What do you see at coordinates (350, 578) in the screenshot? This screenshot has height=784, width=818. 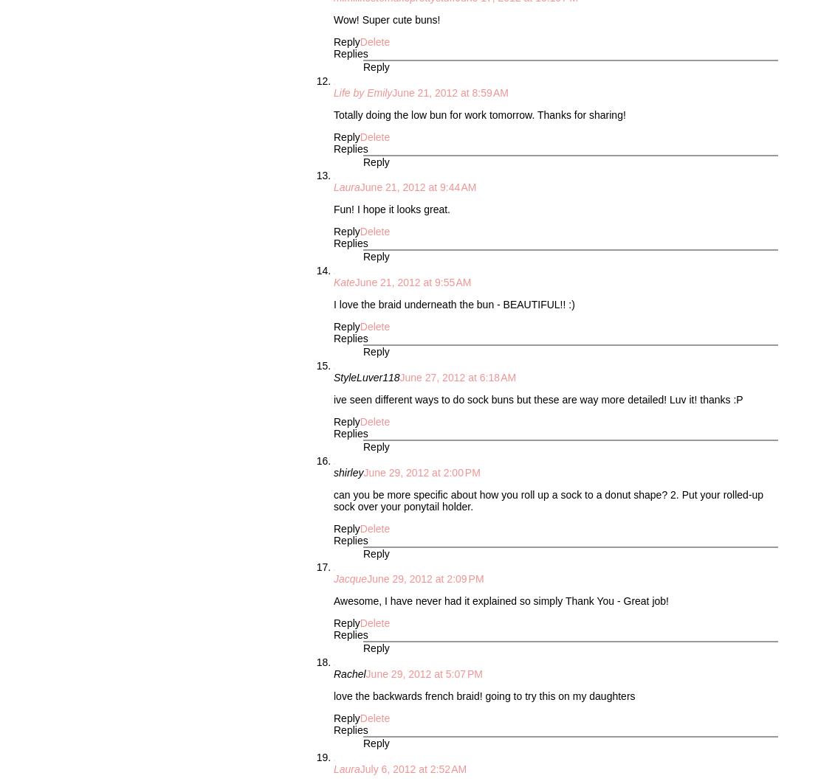 I see `'Jacque'` at bounding box center [350, 578].